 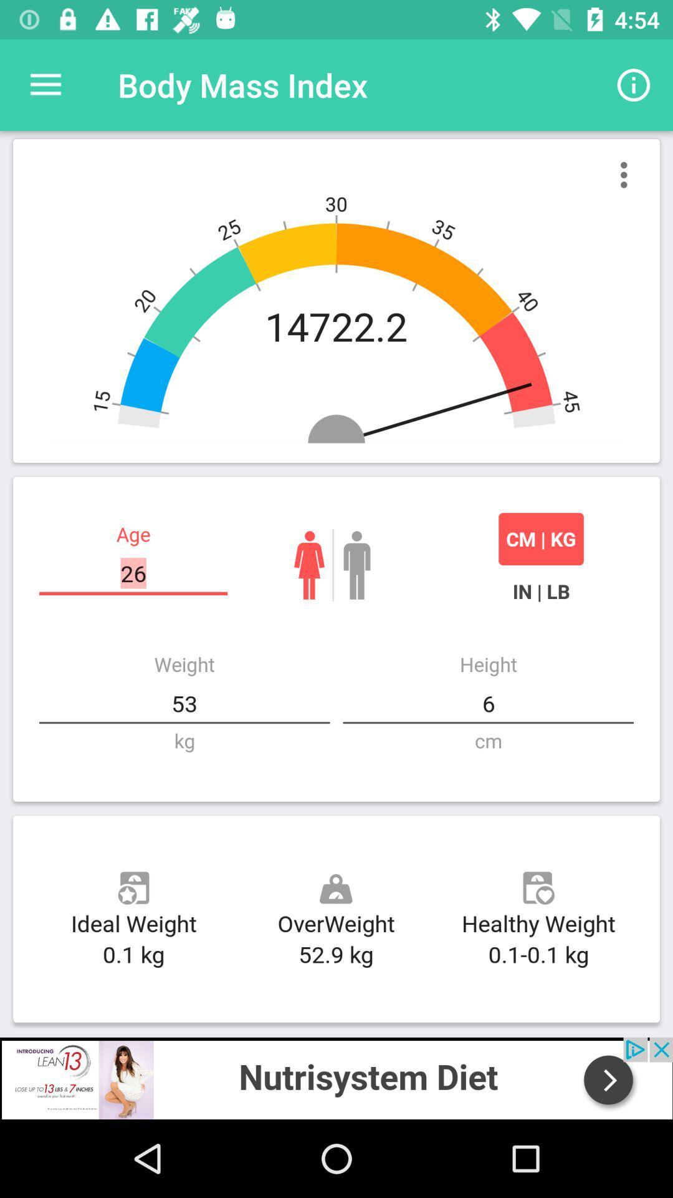 I want to click on advertisement for nutrisystem diet, so click(x=336, y=1078).